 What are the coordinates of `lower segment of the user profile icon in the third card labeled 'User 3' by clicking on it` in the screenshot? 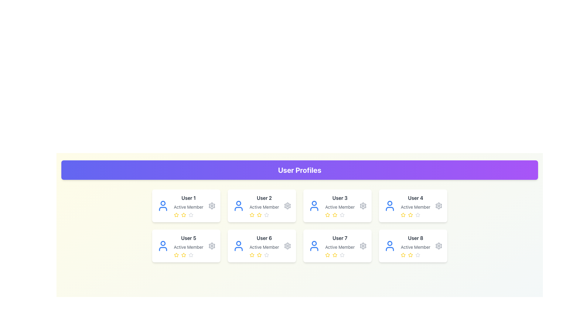 It's located at (314, 208).